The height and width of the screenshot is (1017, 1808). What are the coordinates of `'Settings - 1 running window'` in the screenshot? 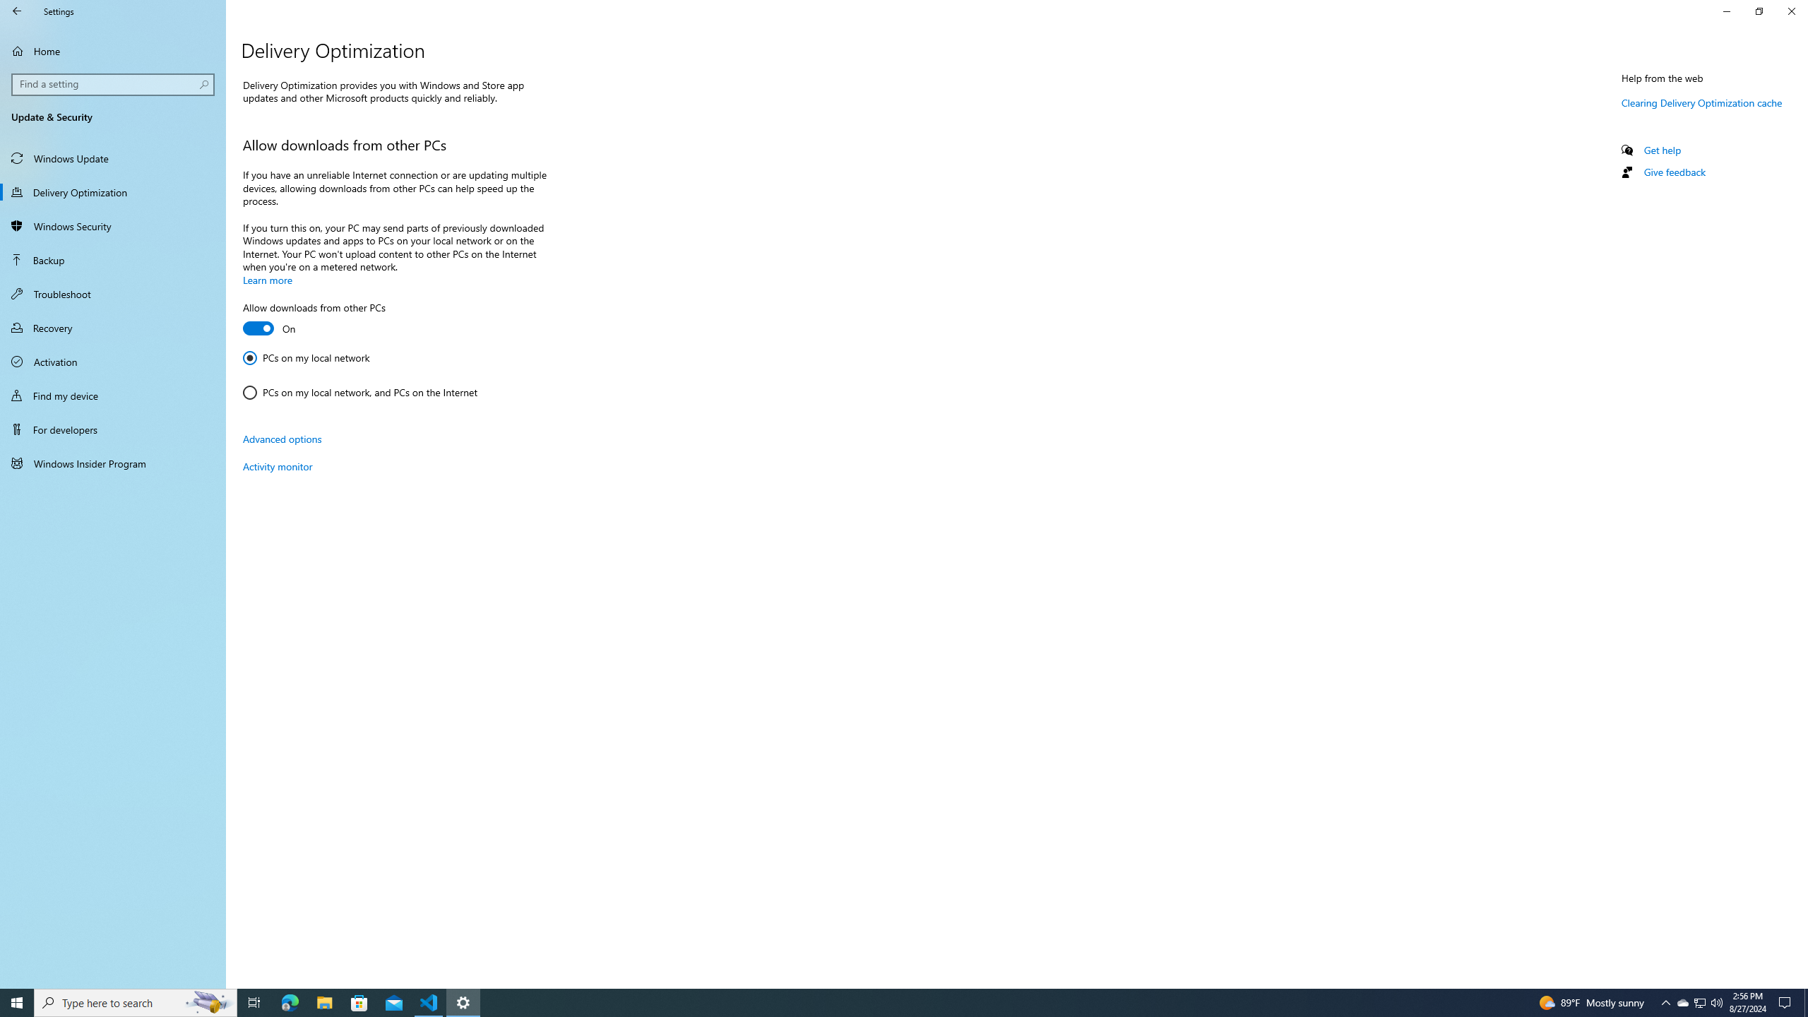 It's located at (463, 1001).